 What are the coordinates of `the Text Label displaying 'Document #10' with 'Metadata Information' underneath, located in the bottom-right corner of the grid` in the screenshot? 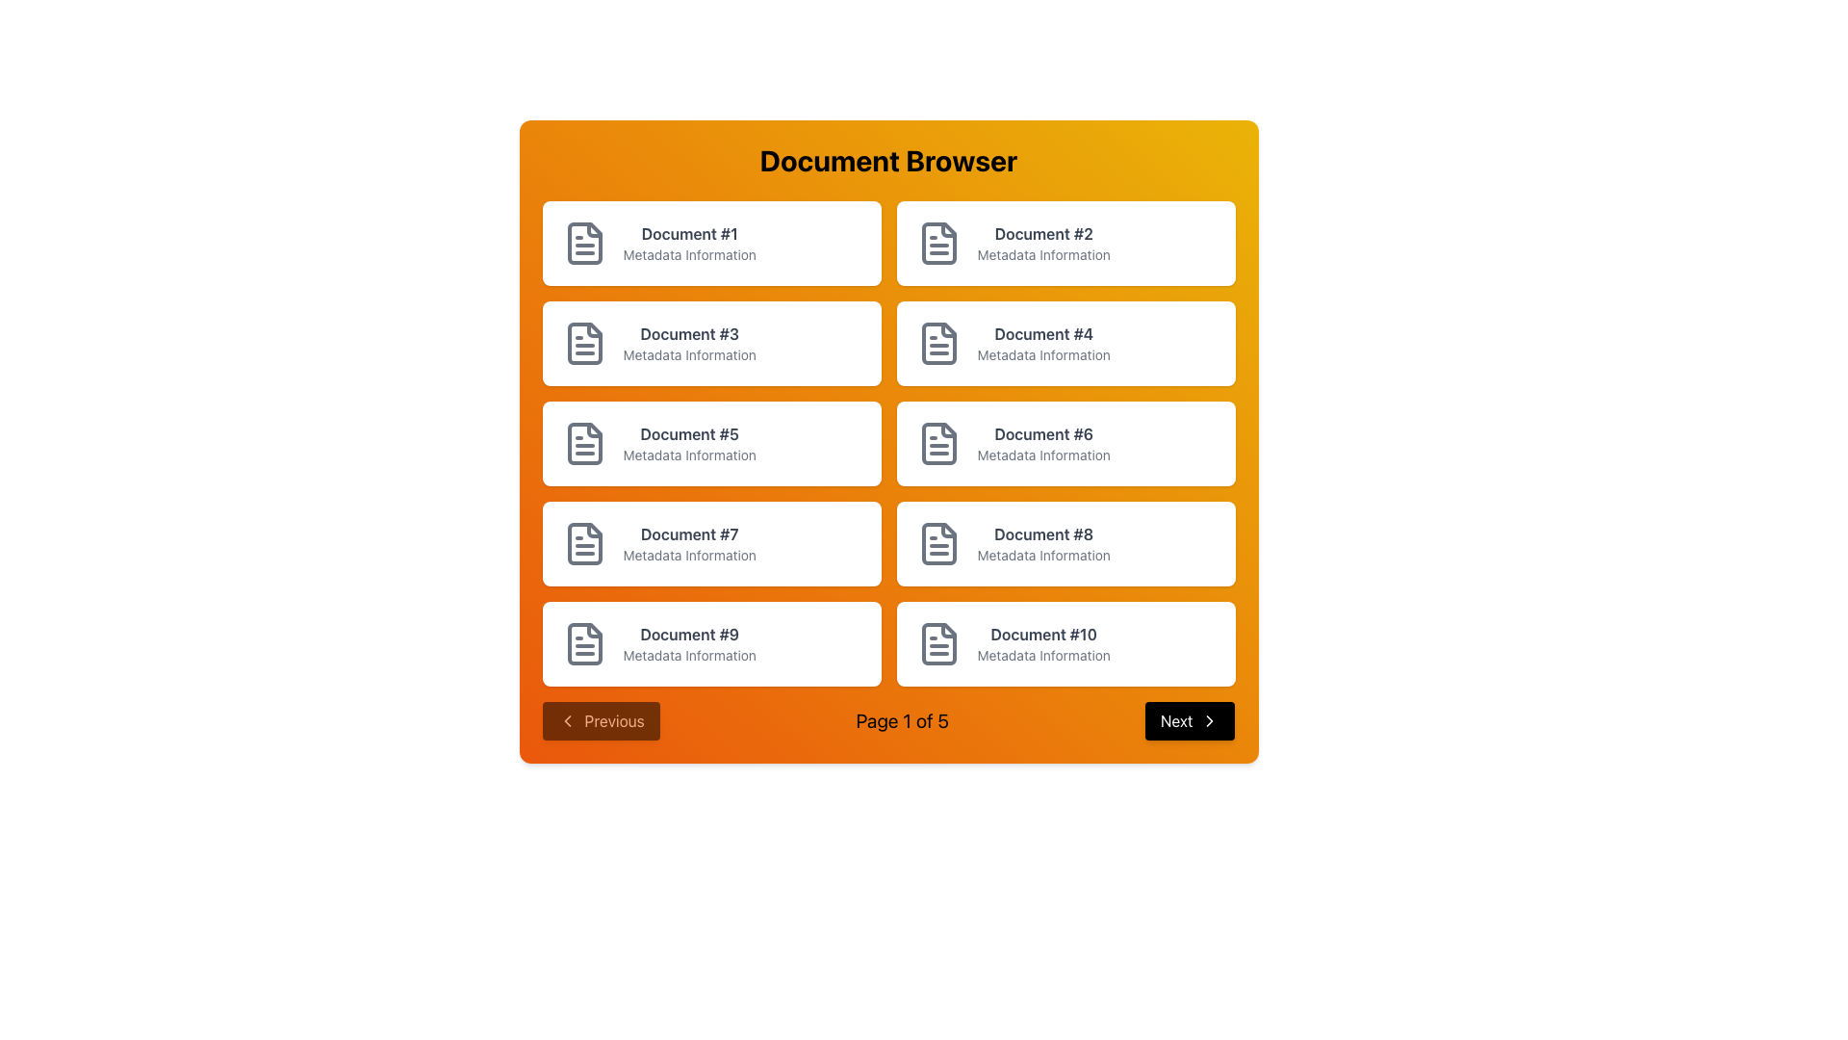 It's located at (1042, 643).